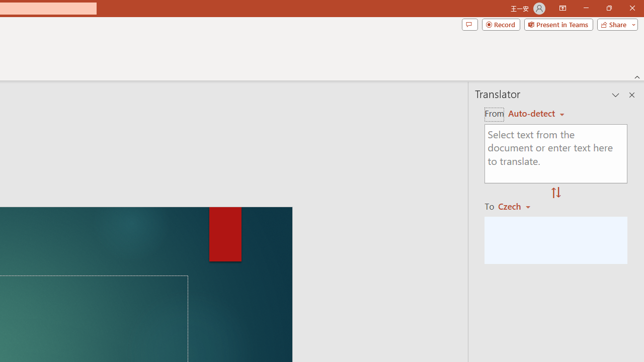  What do you see at coordinates (519, 206) in the screenshot?
I see `'Czech'` at bounding box center [519, 206].